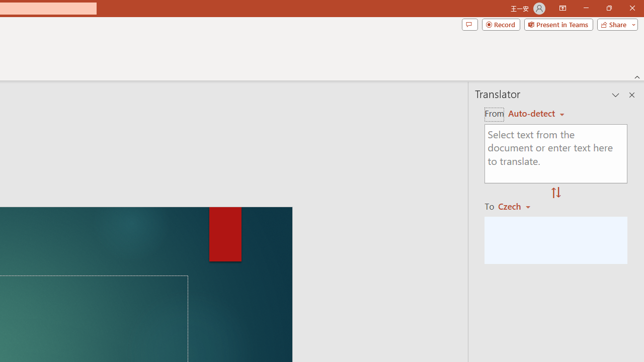  What do you see at coordinates (519, 206) in the screenshot?
I see `'Czech'` at bounding box center [519, 206].